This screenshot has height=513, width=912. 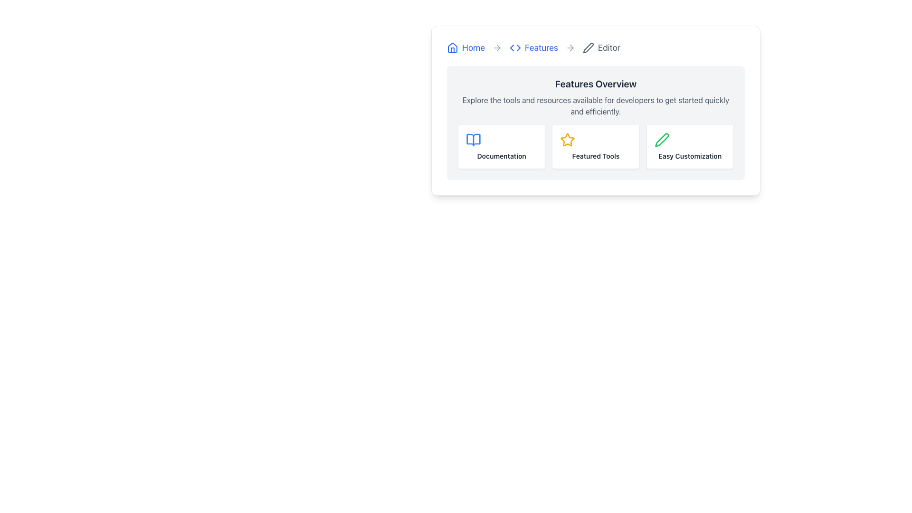 What do you see at coordinates (661, 140) in the screenshot?
I see `the decorative icon within the 'Easy Customization' card in the 'Features Overview' section, indicating customization features` at bounding box center [661, 140].